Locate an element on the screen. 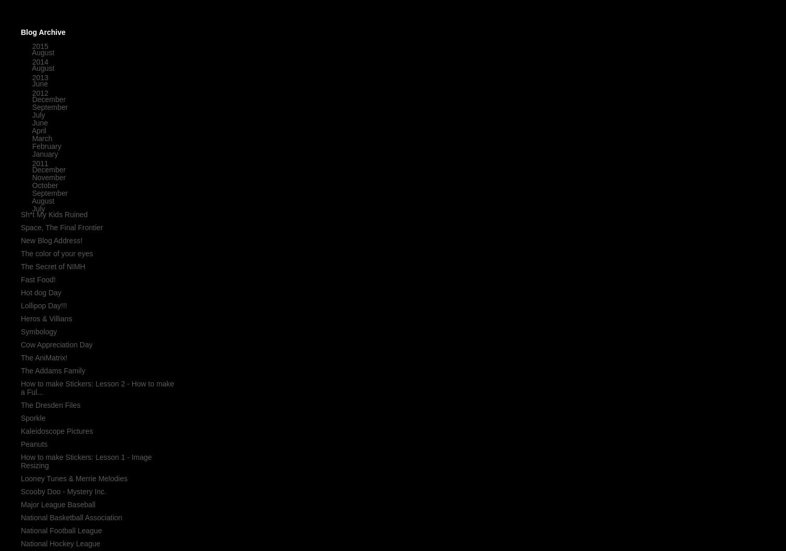 The image size is (786, 551). 'The AniMatrix!' is located at coordinates (44, 357).